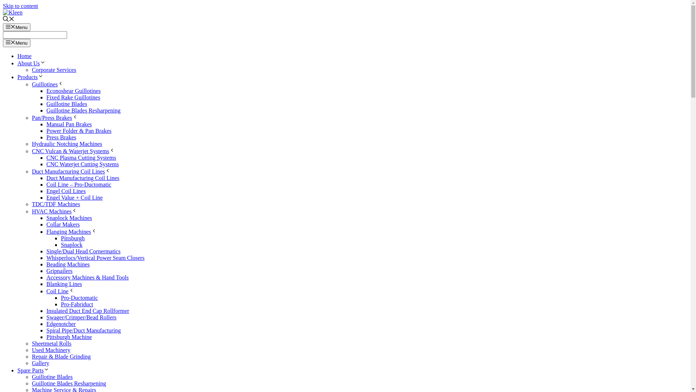 This screenshot has width=696, height=392. I want to click on 'Sheetmetal Rolls', so click(51, 343).